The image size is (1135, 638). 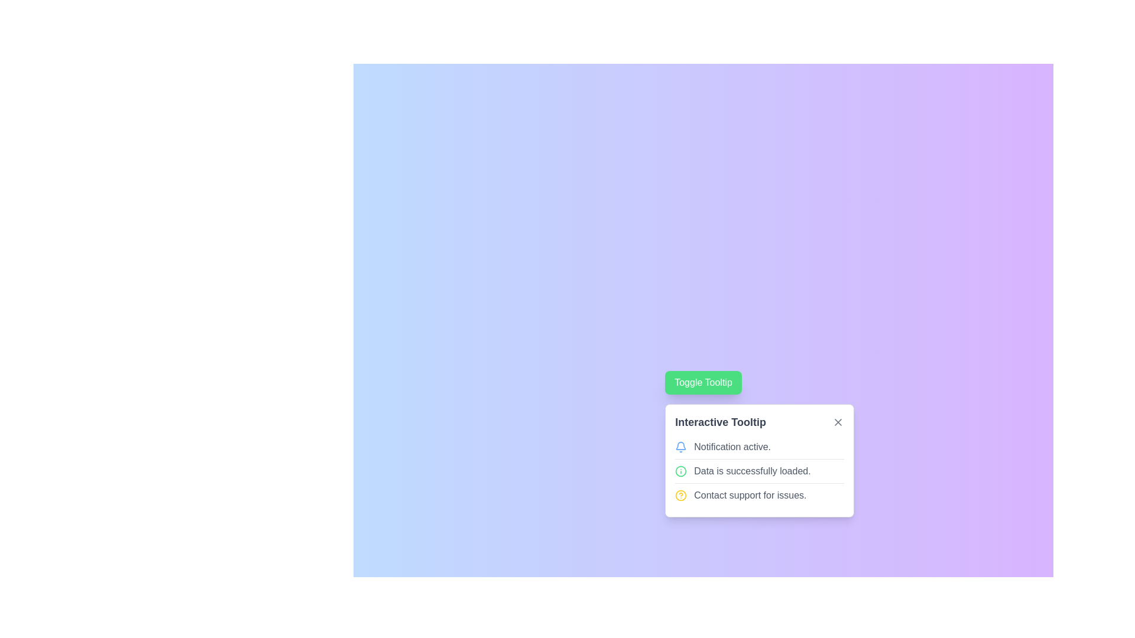 I want to click on the rectangular button with a green background and white text that reads 'Toggle Tooltip', so click(x=703, y=383).